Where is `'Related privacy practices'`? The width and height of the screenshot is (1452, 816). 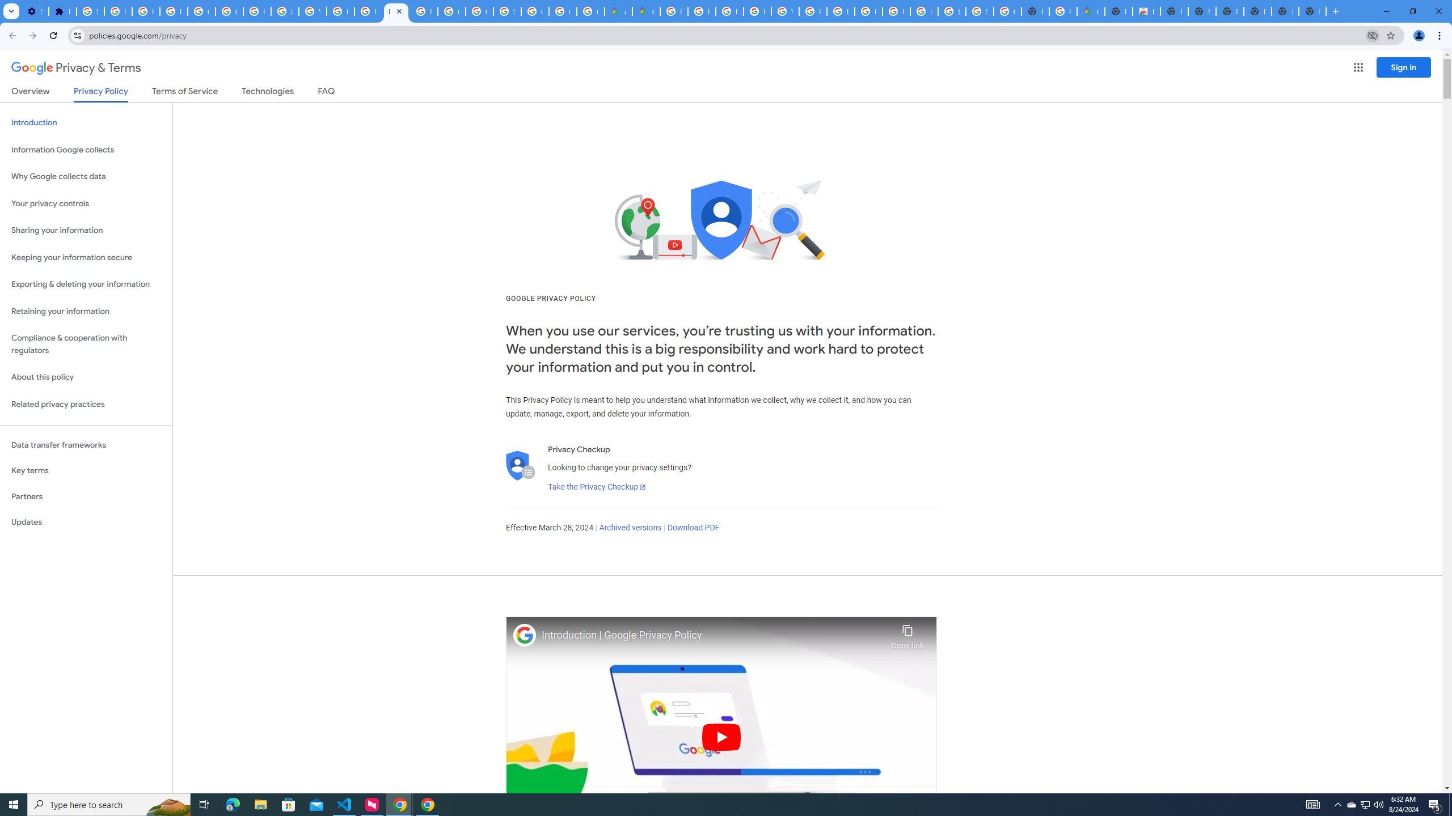
'Related privacy practices' is located at coordinates (86, 403).